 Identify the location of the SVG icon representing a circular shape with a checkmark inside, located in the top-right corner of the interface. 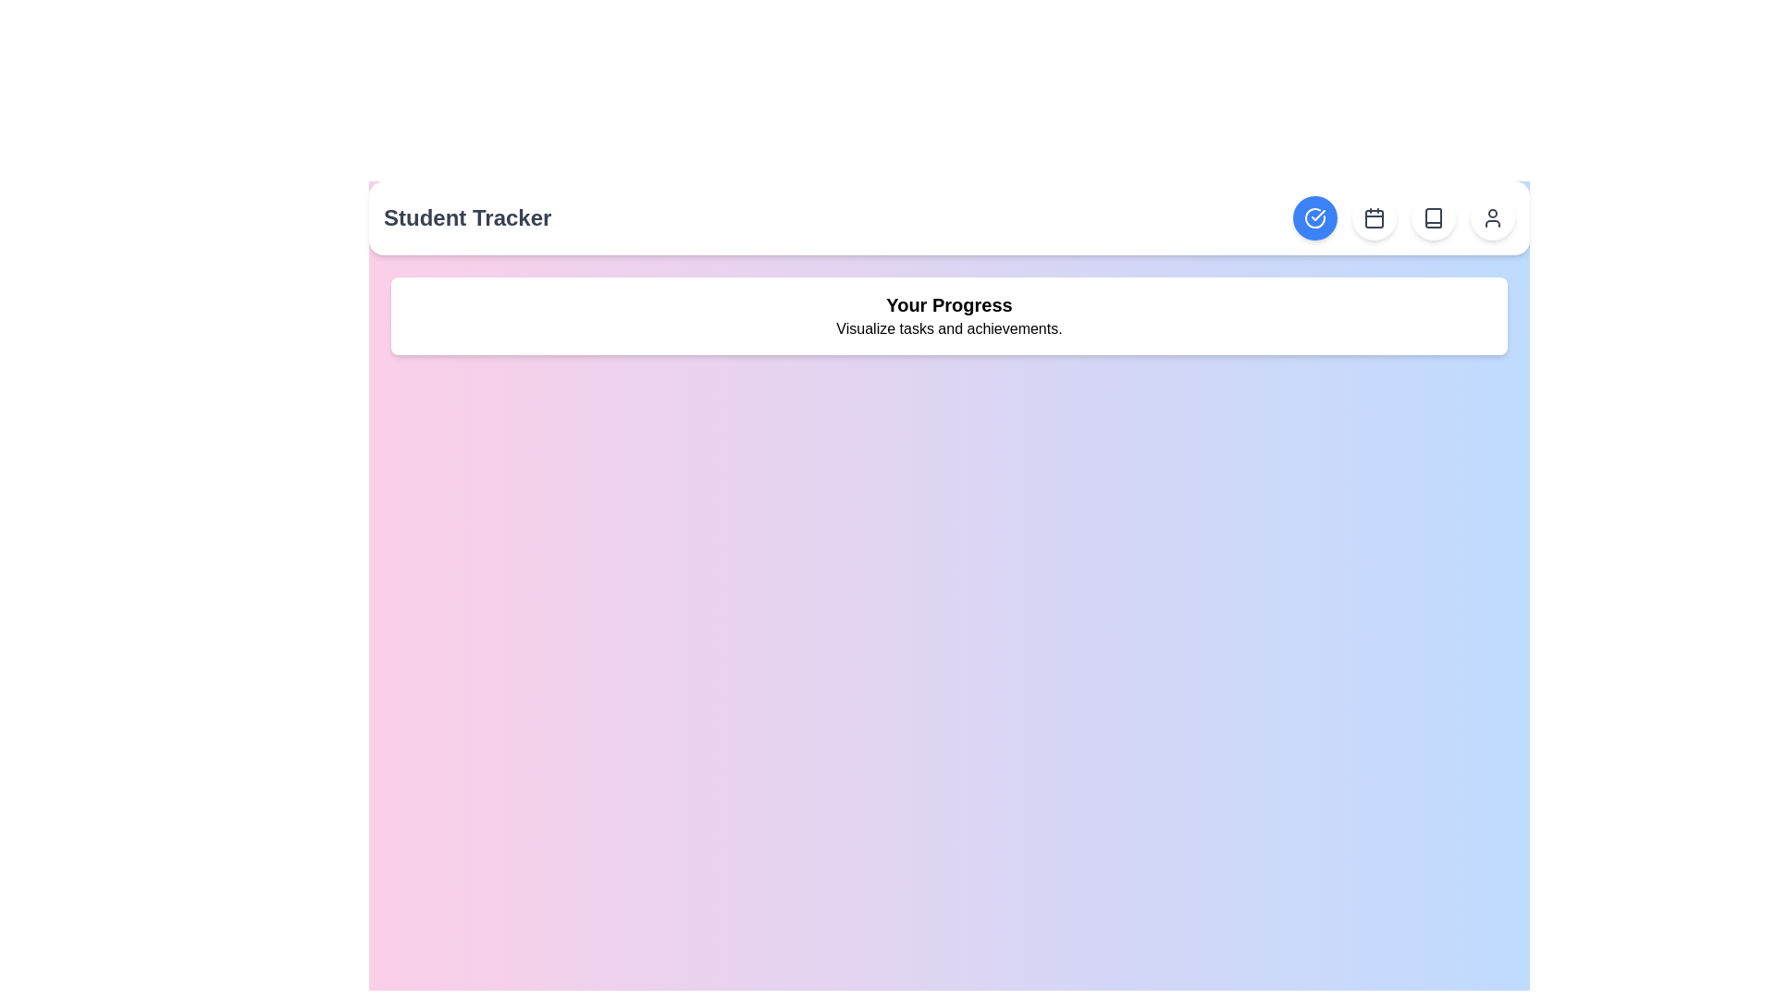
(1313, 216).